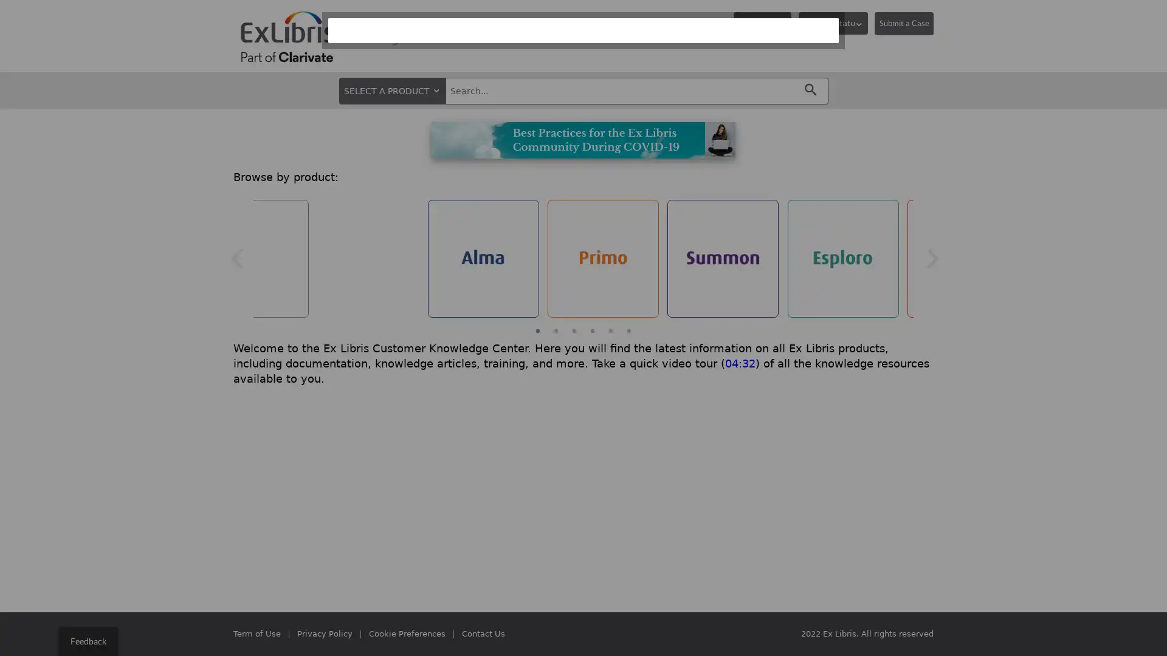  What do you see at coordinates (629, 330) in the screenshot?
I see `6` at bounding box center [629, 330].